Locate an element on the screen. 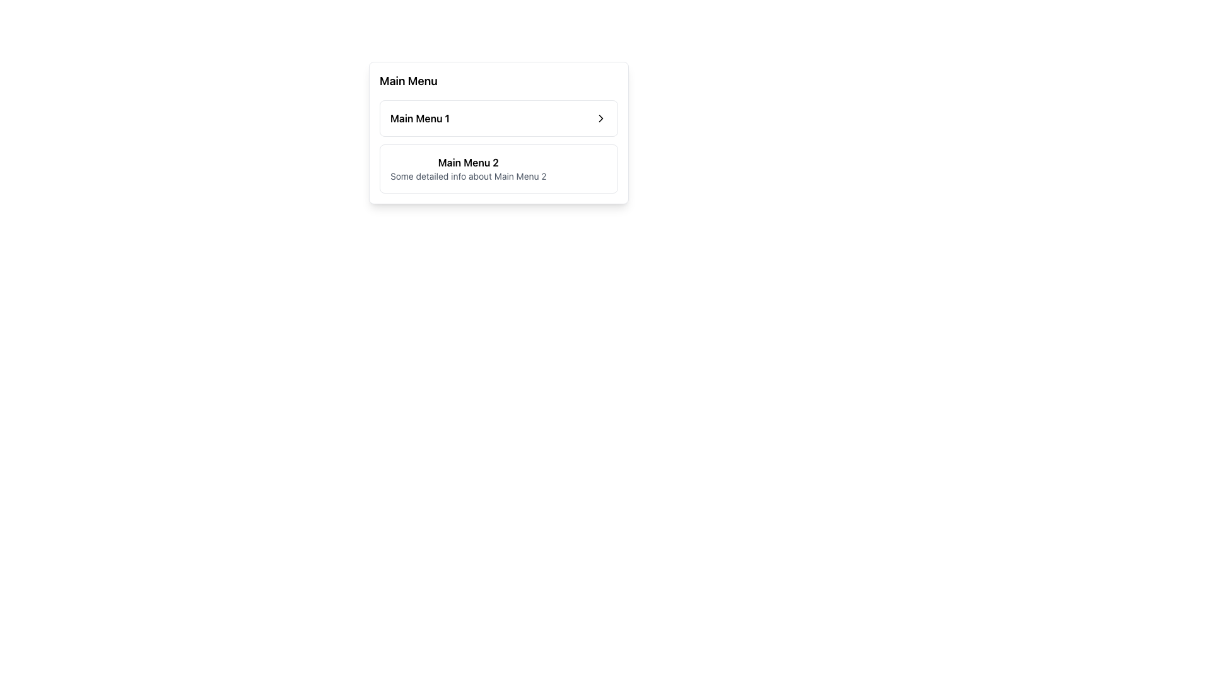  the 'Main Menu 2' item is located at coordinates (498, 168).